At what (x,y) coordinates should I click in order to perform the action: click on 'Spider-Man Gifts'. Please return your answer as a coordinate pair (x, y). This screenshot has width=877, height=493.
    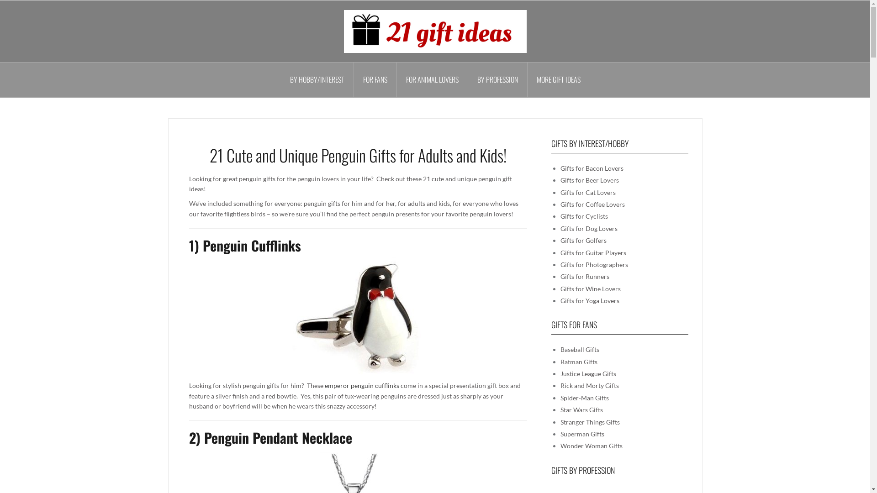
    Looking at the image, I should click on (583, 397).